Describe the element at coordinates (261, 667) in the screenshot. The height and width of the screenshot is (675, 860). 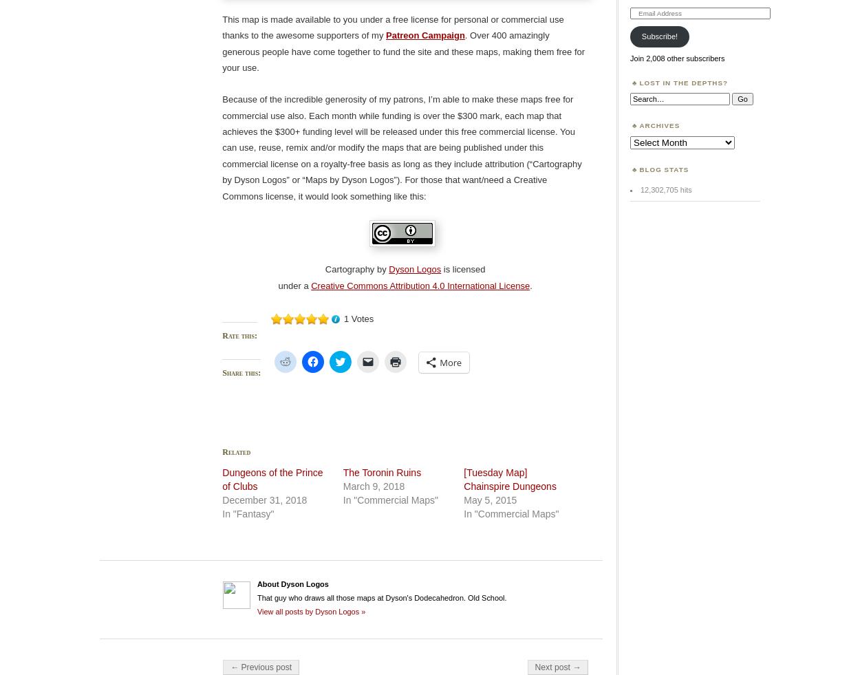
I see `'← Previous post'` at that location.